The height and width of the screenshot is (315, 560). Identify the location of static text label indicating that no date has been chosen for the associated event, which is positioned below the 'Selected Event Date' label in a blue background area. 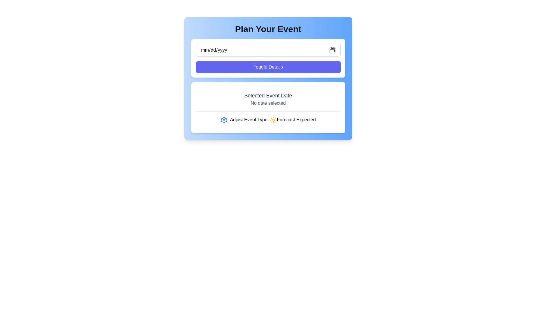
(268, 103).